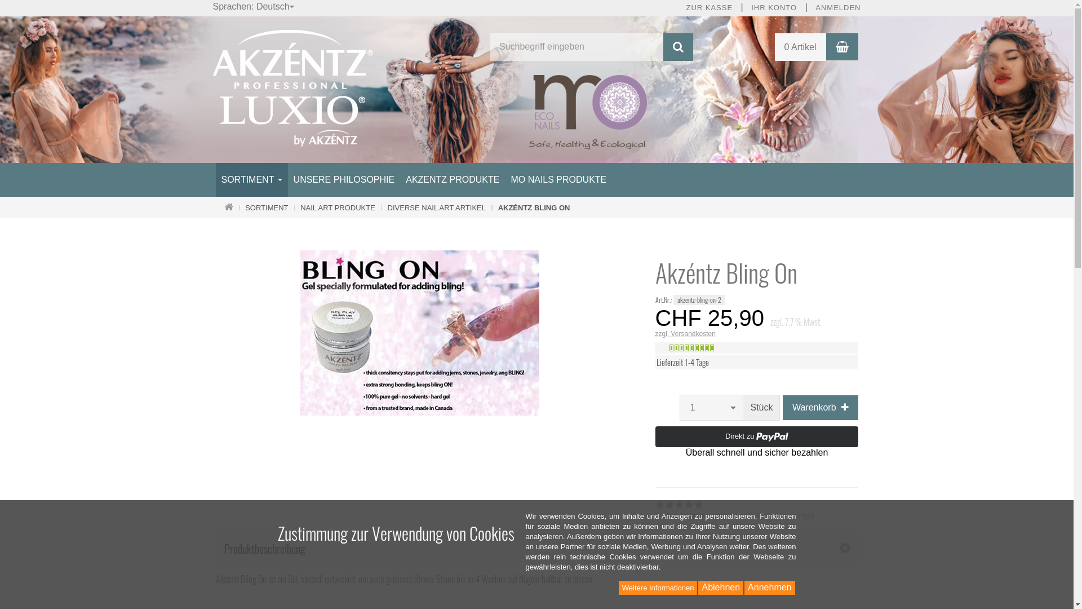  Describe the element at coordinates (658, 587) in the screenshot. I see `'Weitere Informationen'` at that location.